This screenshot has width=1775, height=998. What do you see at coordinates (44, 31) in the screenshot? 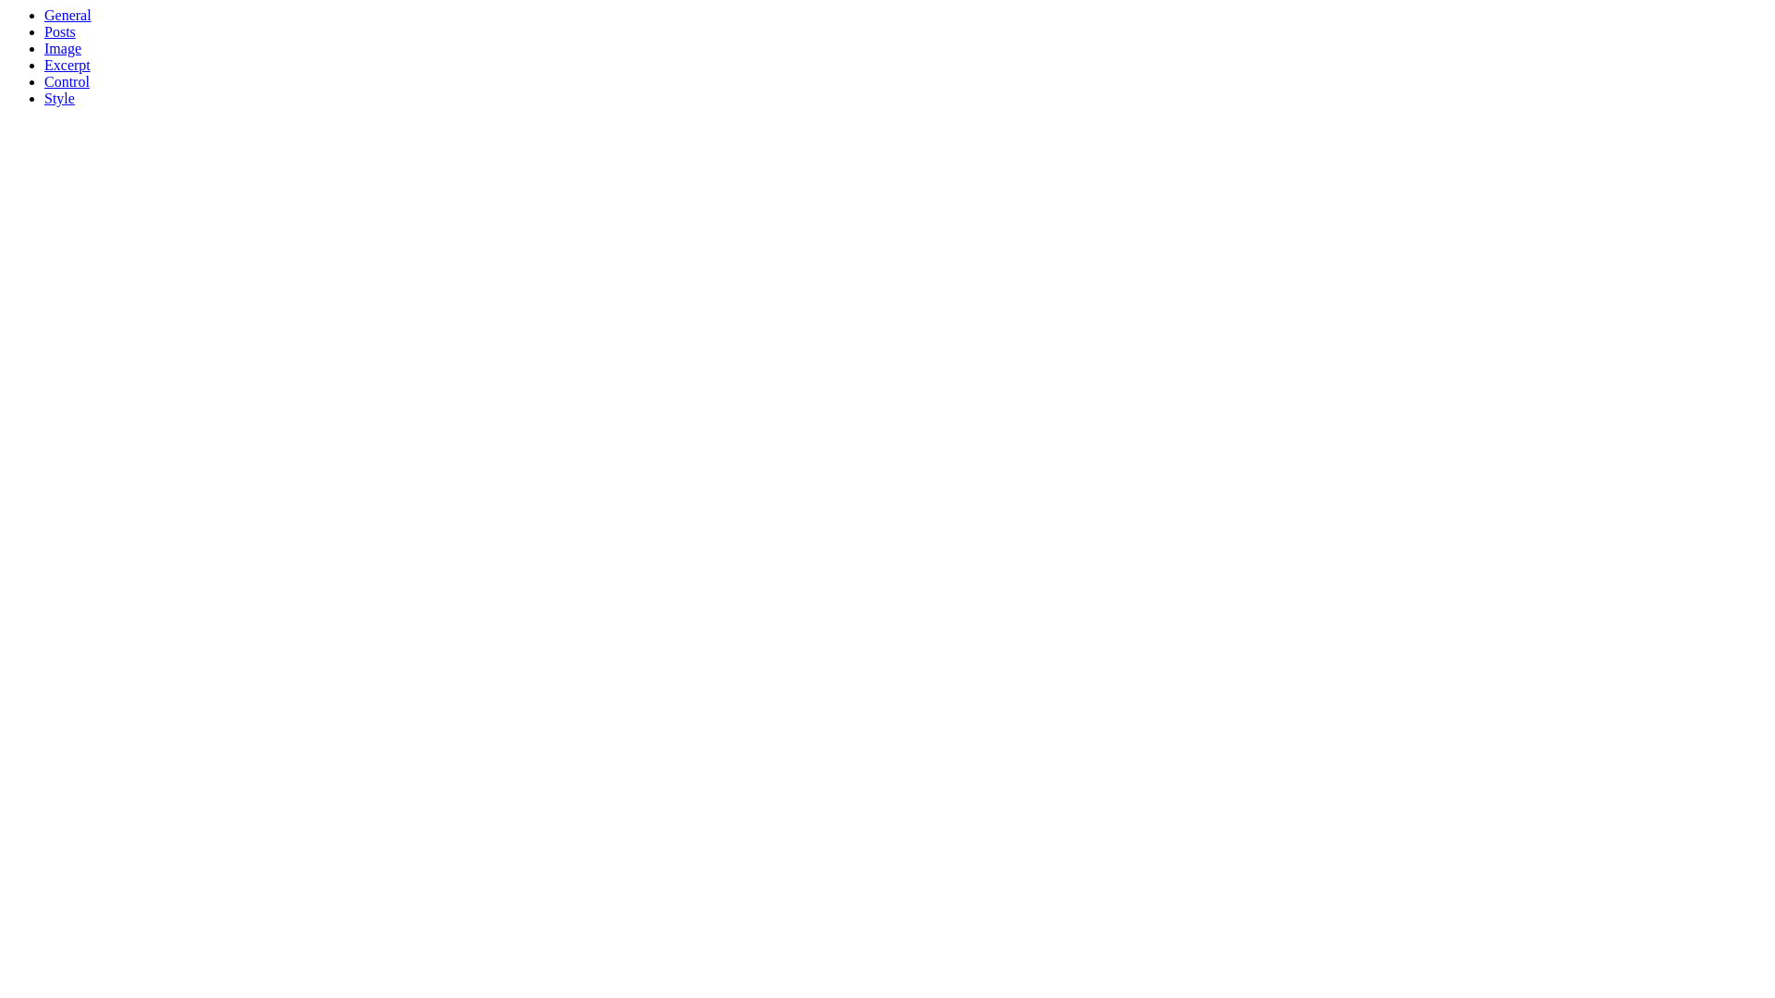
I see `'Posts'` at bounding box center [44, 31].